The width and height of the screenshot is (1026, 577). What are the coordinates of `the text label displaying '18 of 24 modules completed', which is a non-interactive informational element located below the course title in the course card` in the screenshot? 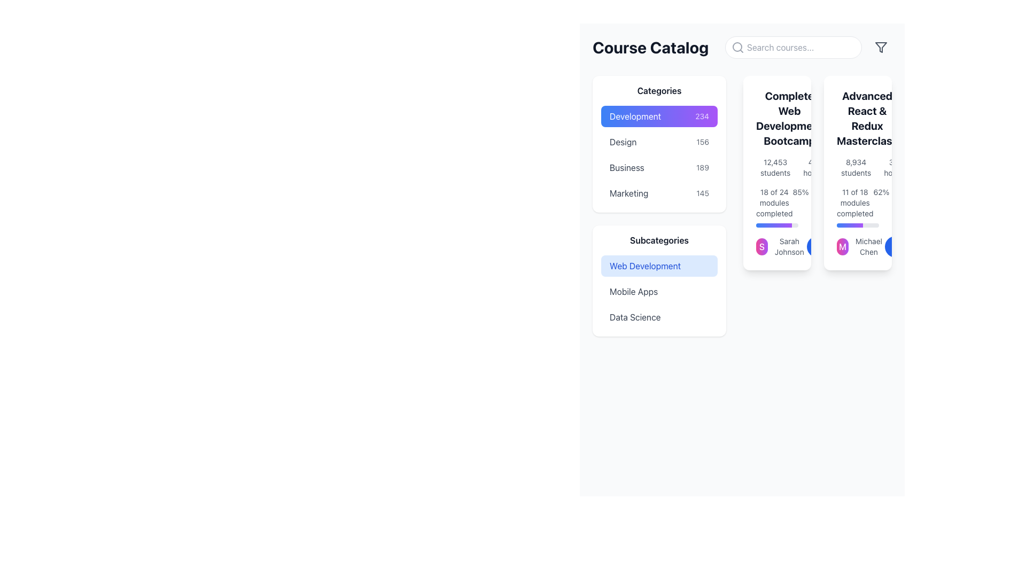 It's located at (774, 203).